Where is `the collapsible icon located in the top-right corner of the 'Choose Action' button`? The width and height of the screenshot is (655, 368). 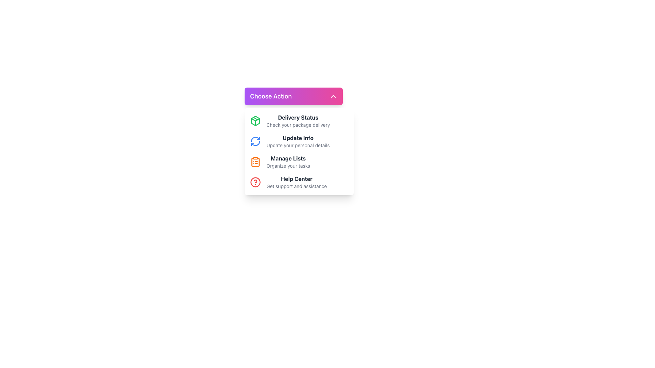
the collapsible icon located in the top-right corner of the 'Choose Action' button is located at coordinates (333, 96).